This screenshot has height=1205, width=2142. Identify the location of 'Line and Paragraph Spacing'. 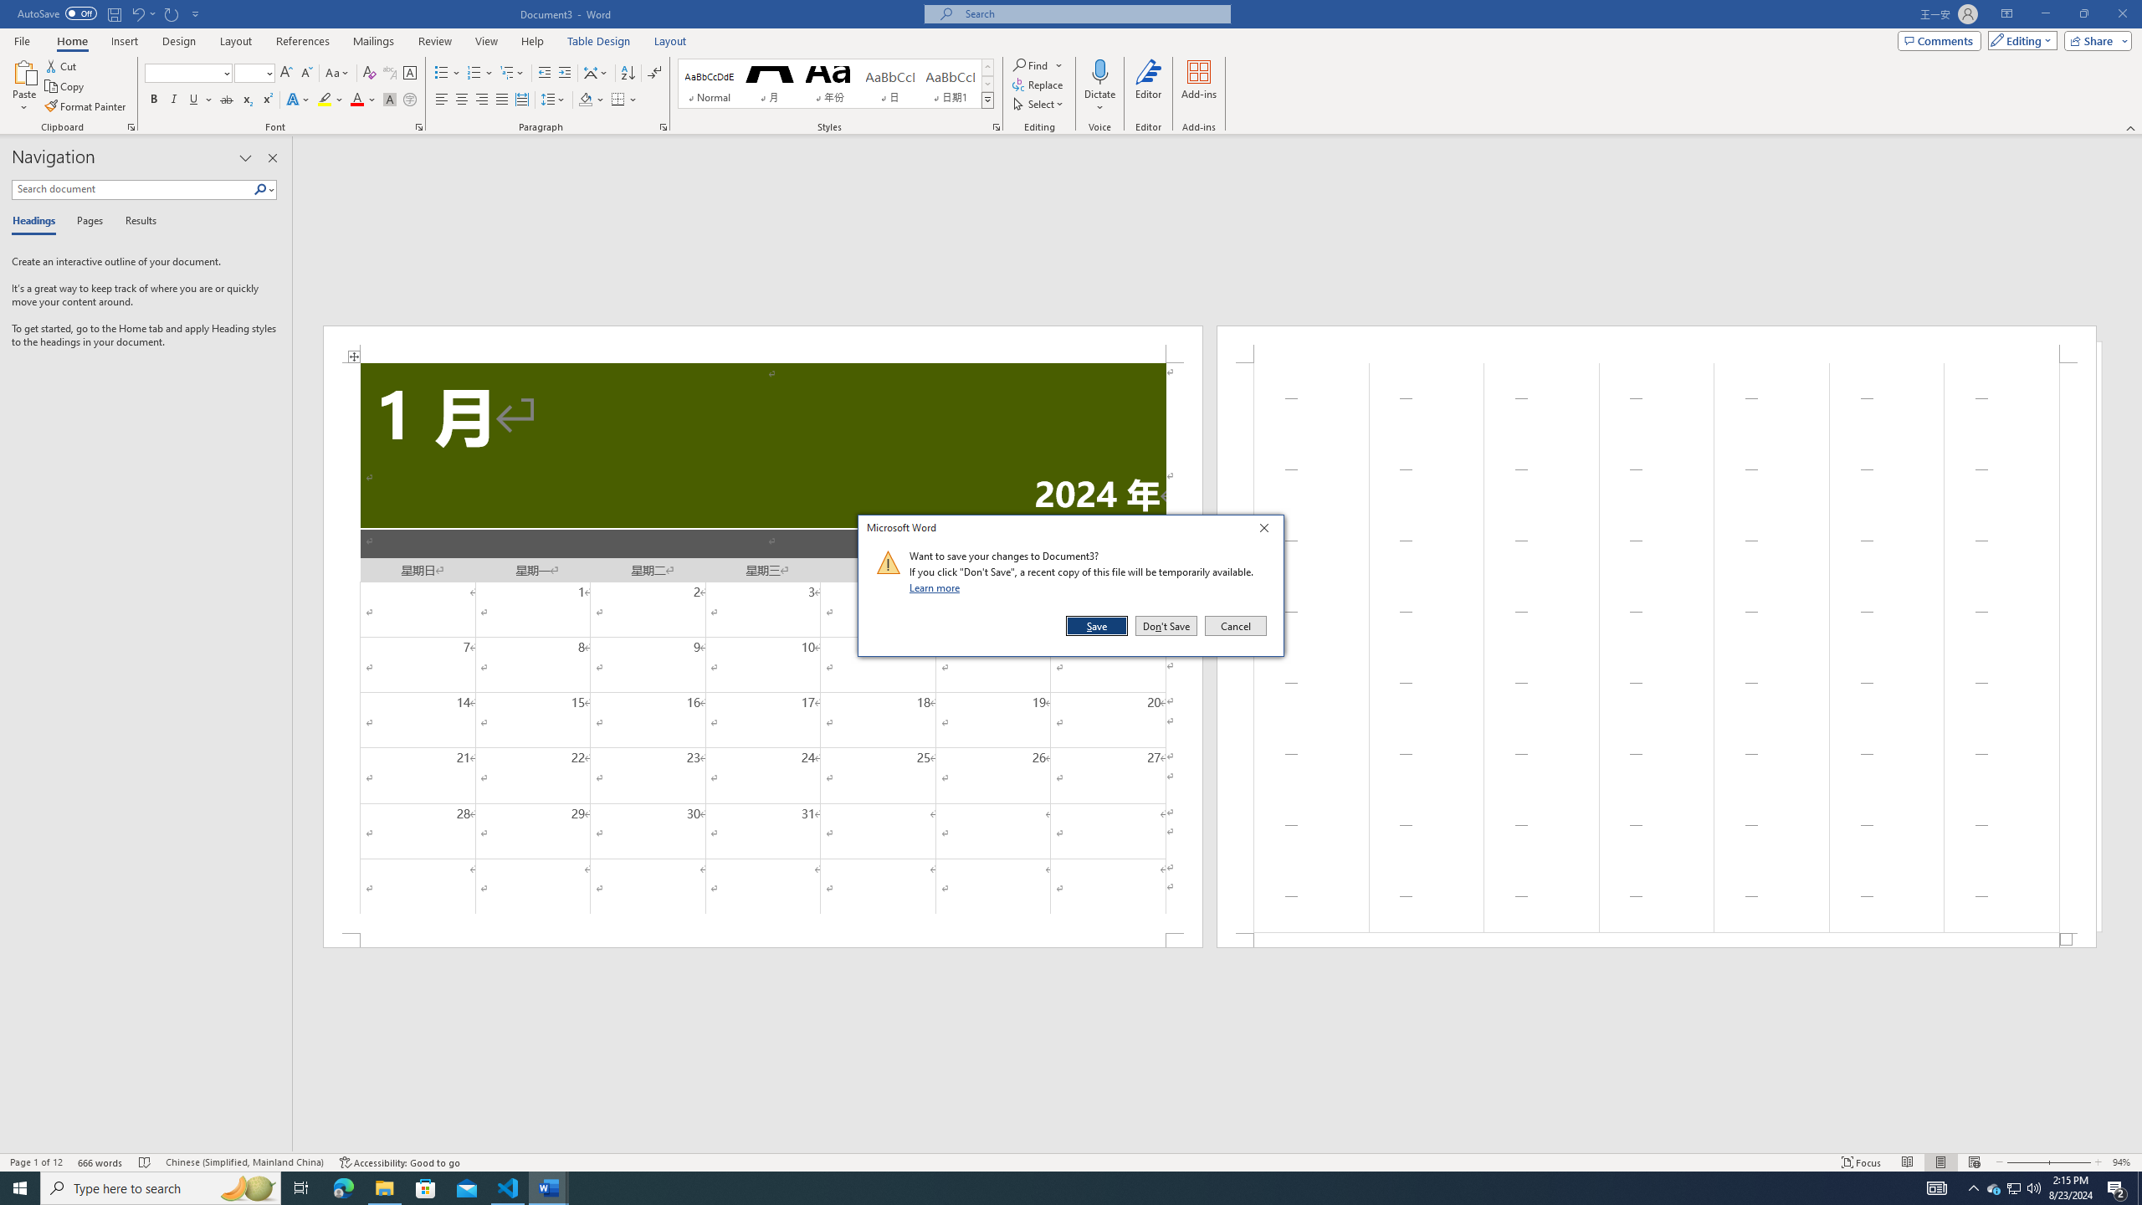
(555, 99).